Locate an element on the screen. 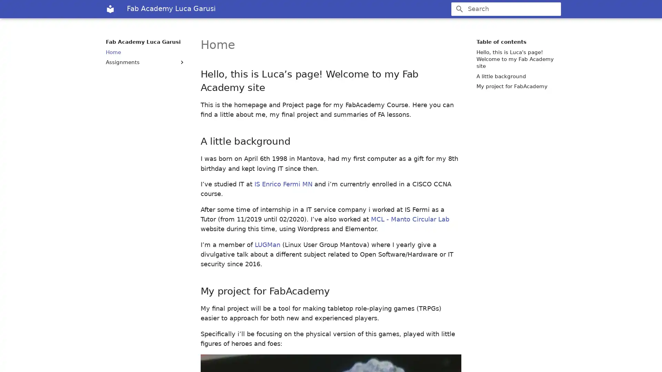 This screenshot has height=372, width=662. Clear is located at coordinates (552, 9).